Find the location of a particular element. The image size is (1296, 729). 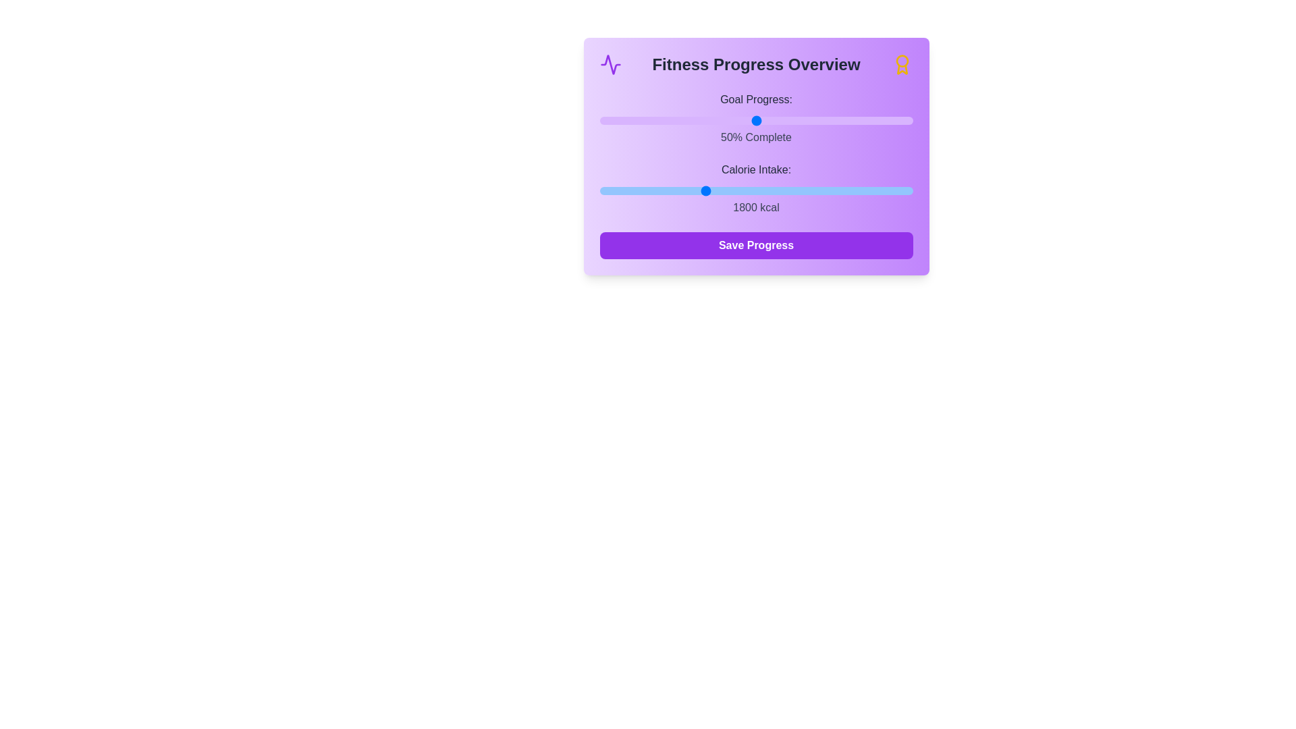

the 'Save Progress' button with a purple background is located at coordinates (756, 245).